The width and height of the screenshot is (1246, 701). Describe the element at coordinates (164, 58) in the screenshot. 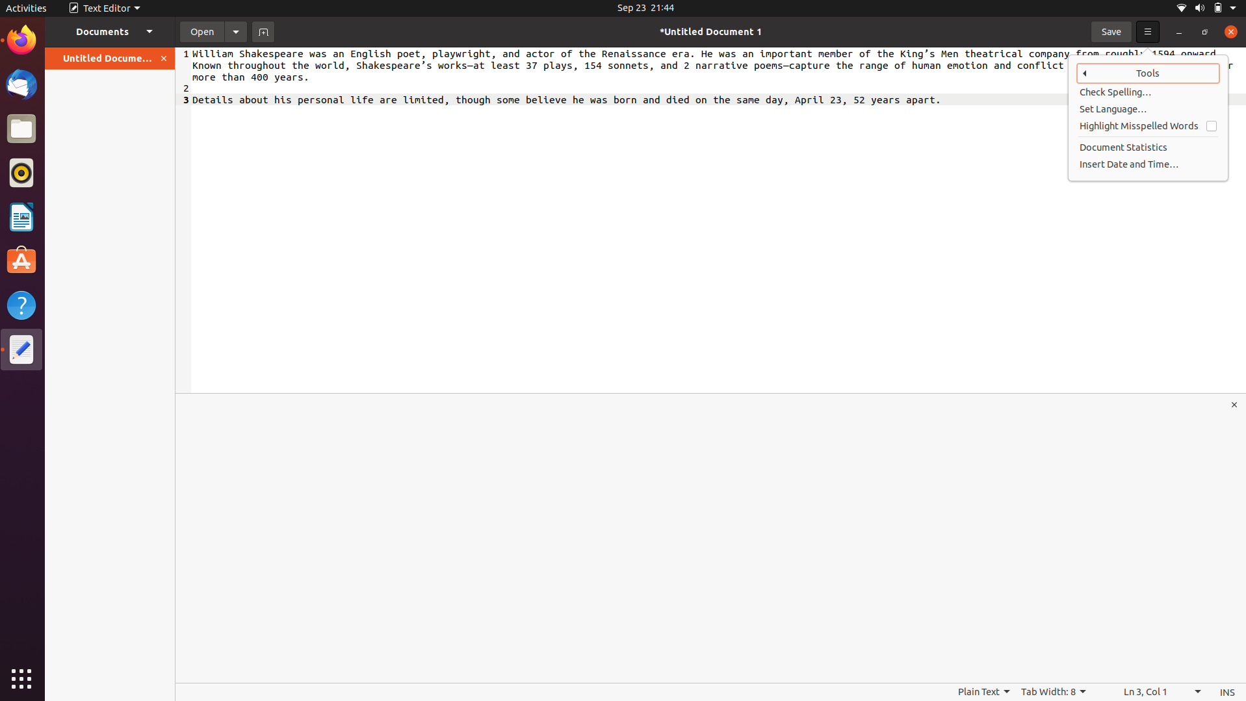

I see `Use the orange button on the left panel to shut the document` at that location.